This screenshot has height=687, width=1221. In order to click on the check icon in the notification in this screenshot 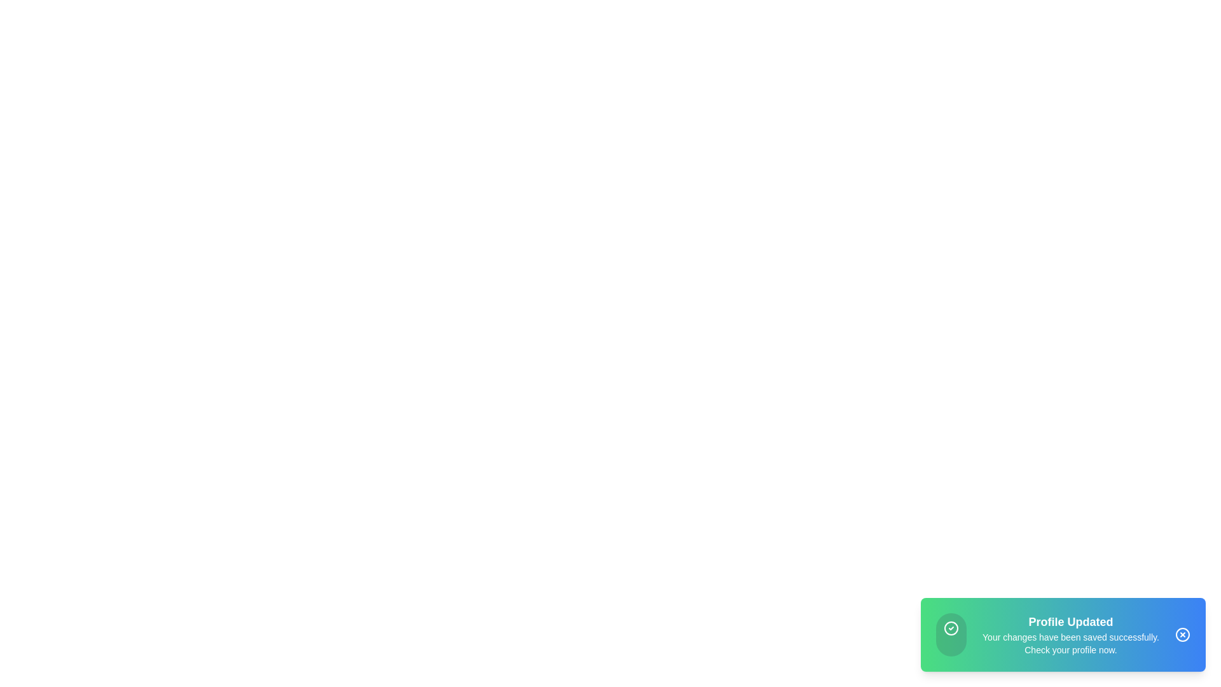, I will do `click(951, 627)`.